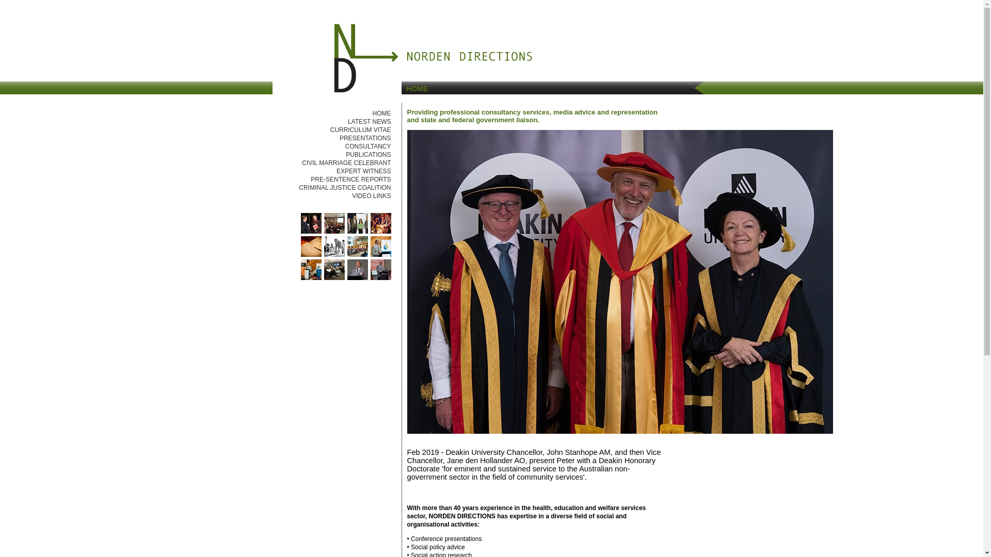 The image size is (991, 557). I want to click on 'CRIMINAL JUSTICE COALITION', so click(344, 187).